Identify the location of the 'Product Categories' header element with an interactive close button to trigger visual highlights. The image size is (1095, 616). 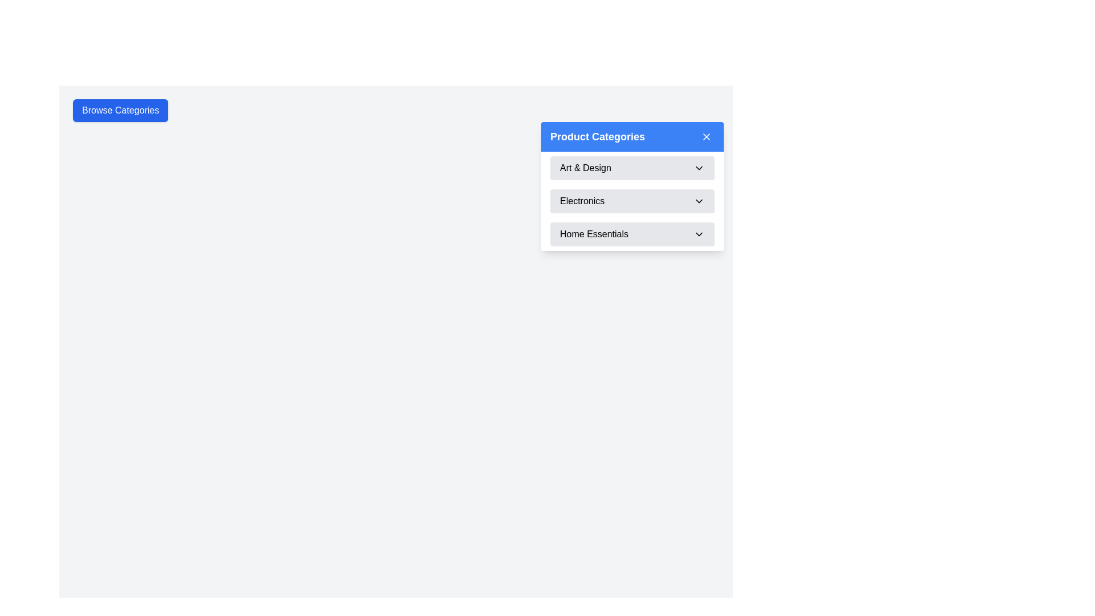
(631, 136).